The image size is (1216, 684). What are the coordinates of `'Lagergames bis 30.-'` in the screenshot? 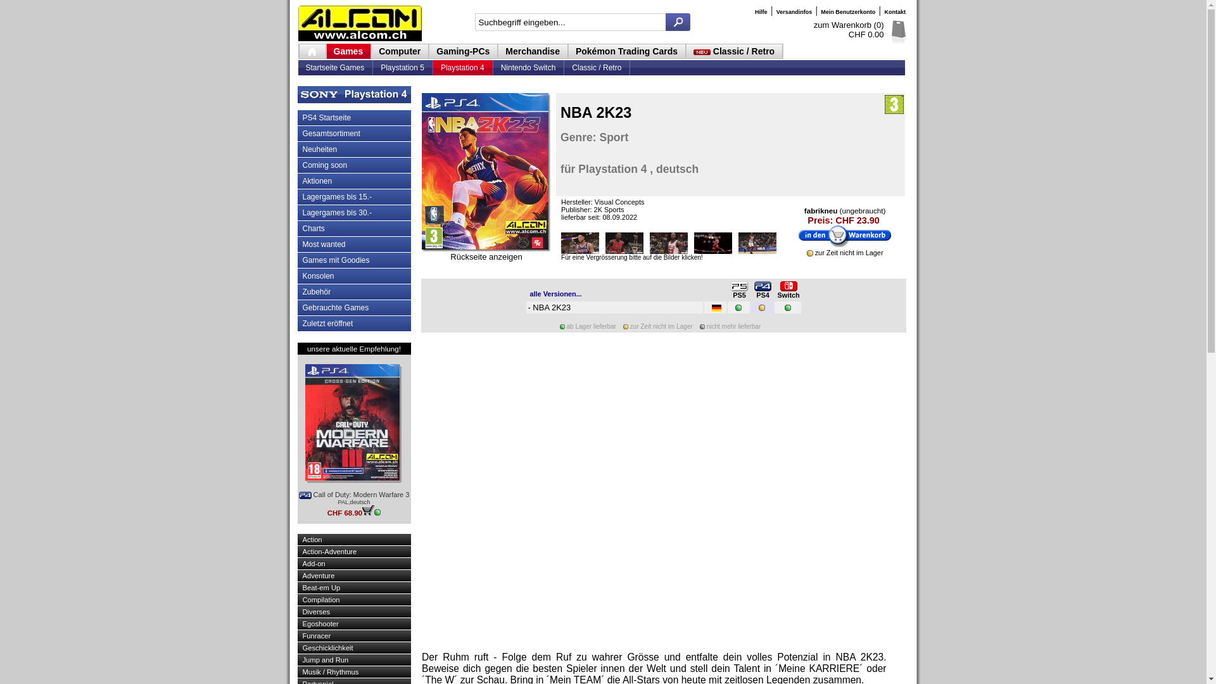 It's located at (354, 212).